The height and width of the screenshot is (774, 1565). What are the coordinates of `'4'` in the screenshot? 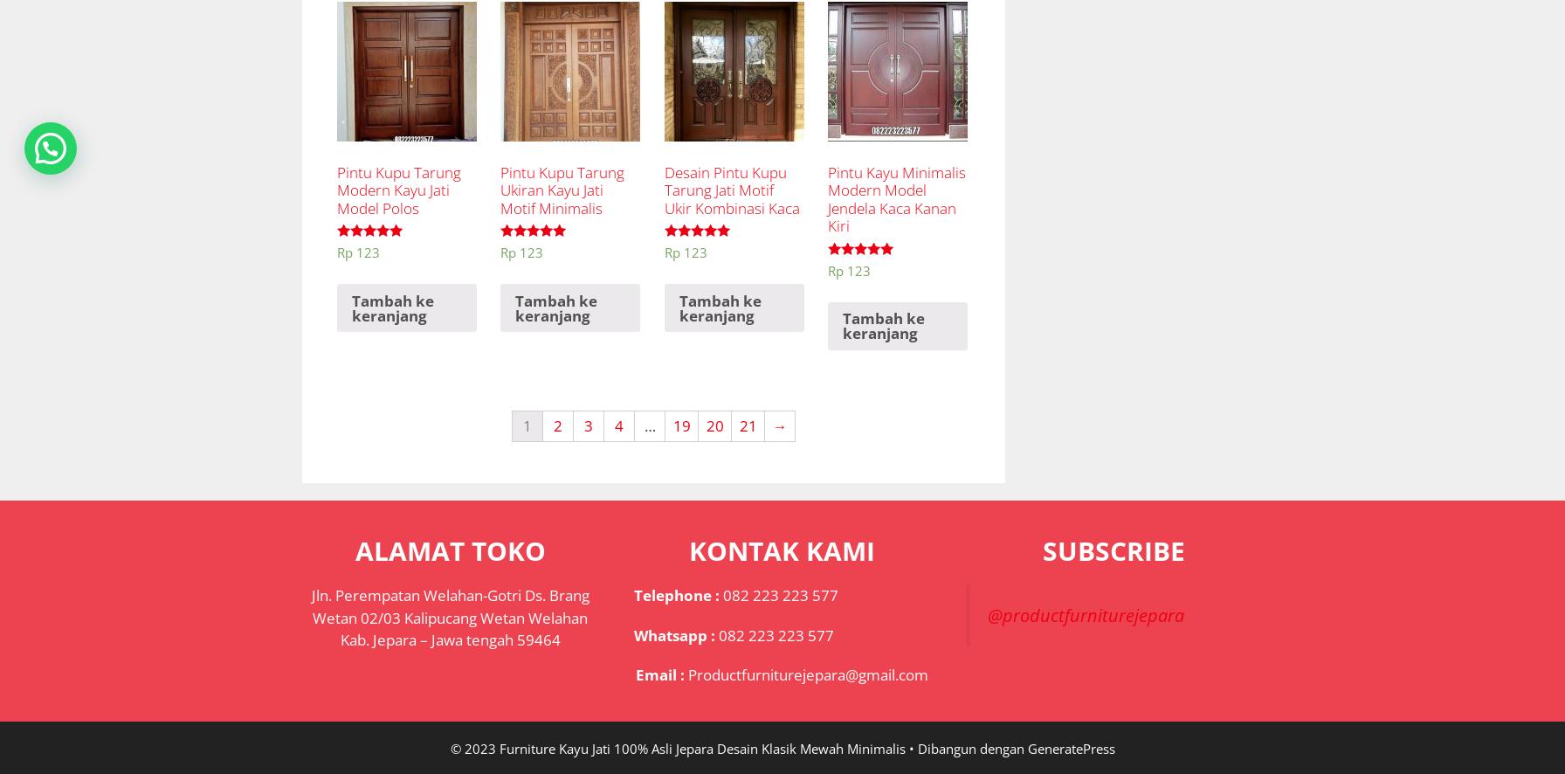 It's located at (618, 425).